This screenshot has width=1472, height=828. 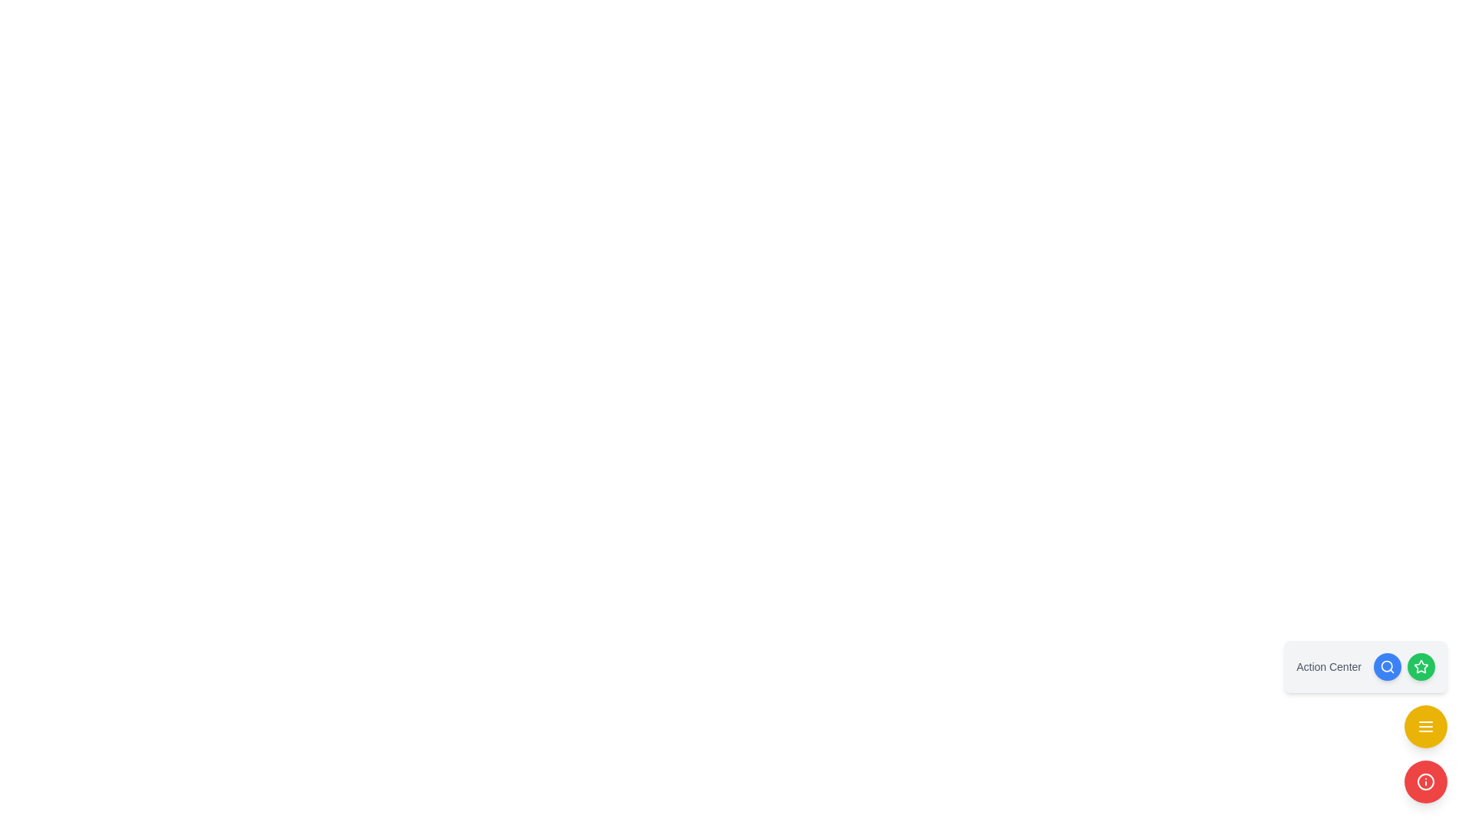 I want to click on the search icon button located within a blue circular button in the top-right corner of the Action Center bar to initiate a search, so click(x=1387, y=666).